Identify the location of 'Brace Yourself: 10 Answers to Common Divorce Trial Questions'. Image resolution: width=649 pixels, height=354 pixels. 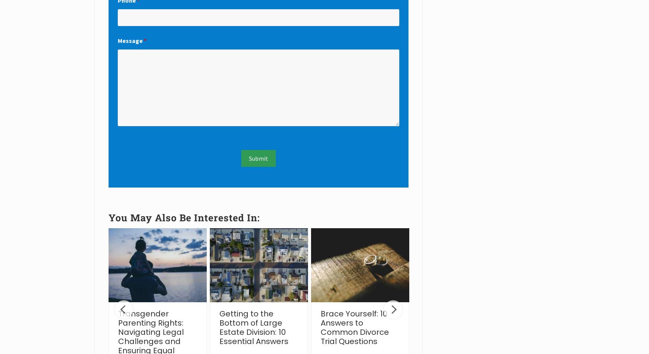
(355, 327).